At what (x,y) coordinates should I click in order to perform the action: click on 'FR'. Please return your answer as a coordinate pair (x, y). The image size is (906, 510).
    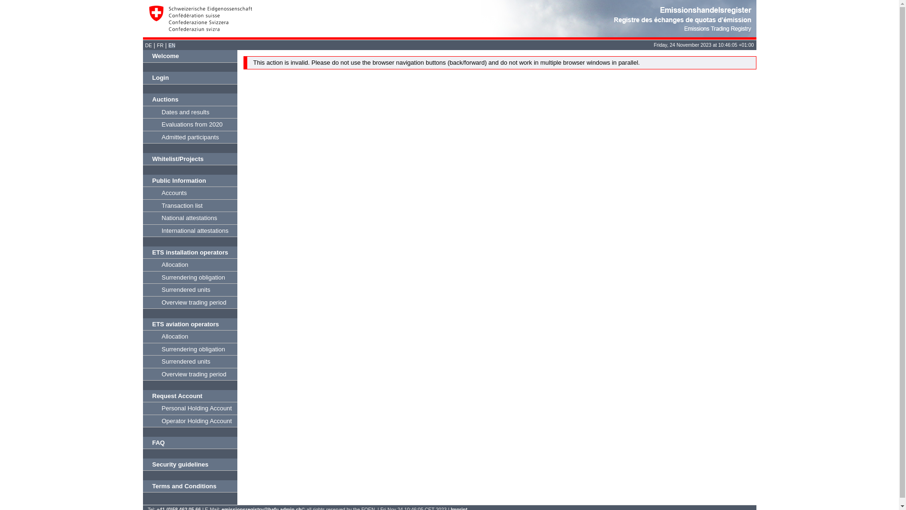
    Looking at the image, I should click on (160, 45).